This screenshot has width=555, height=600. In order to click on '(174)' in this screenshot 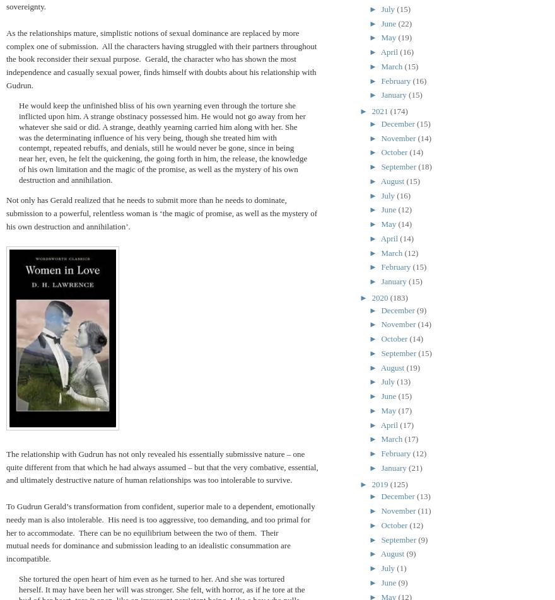, I will do `click(399, 111)`.